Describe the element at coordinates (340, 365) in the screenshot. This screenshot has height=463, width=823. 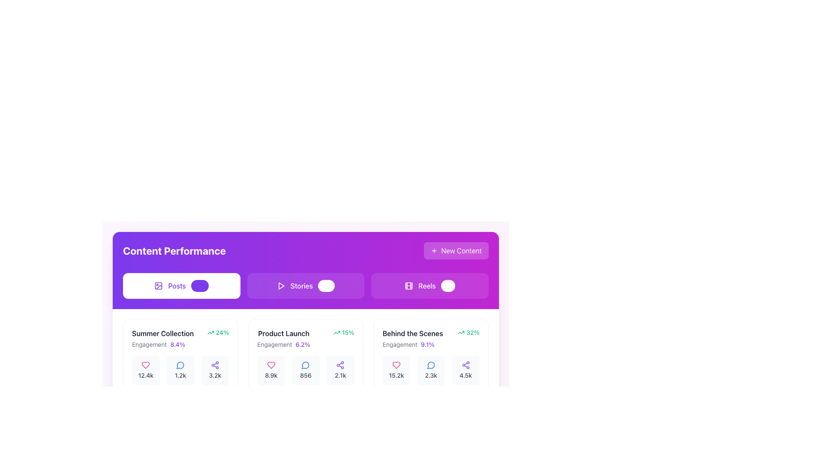
I see `the violet share icon, which is styled as a sharing symbol with three dots connected by two curved lines` at that location.